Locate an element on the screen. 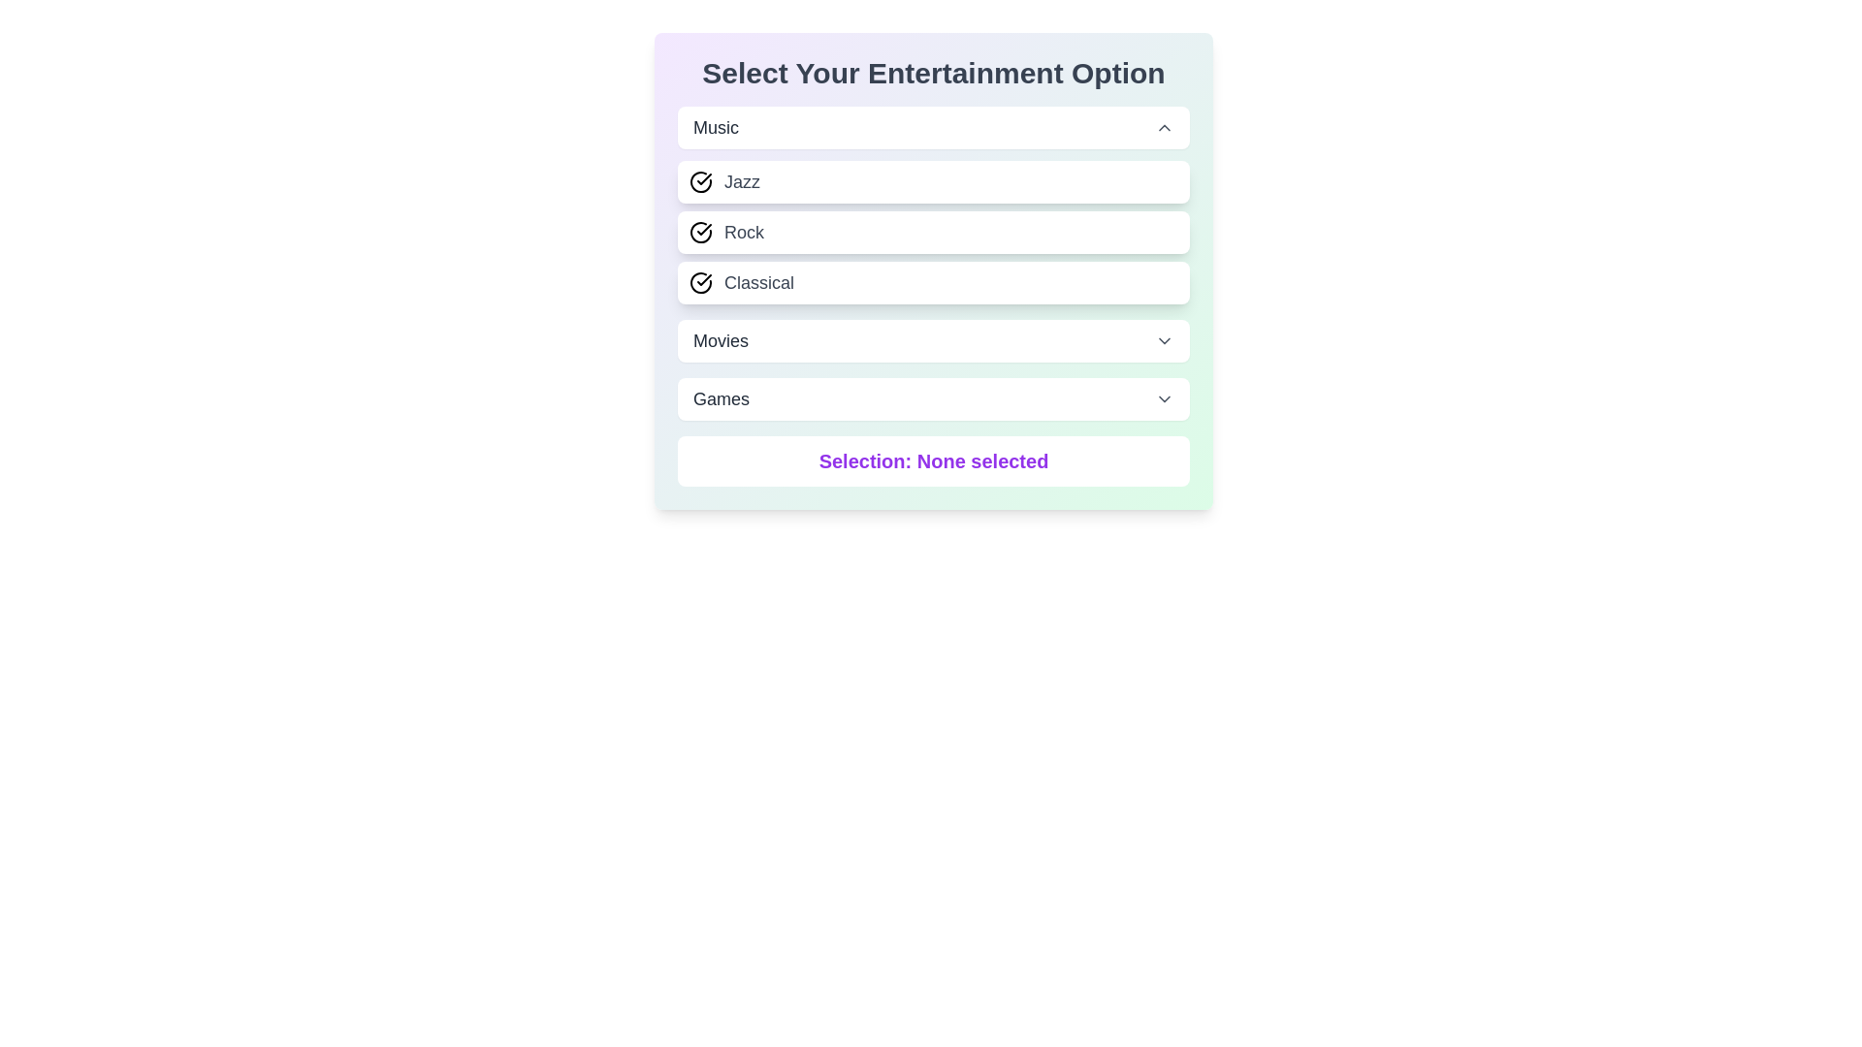 The image size is (1862, 1047). the fifth selectable option in the entertainment categories list, which is located below the 'Movies' option is located at coordinates (934, 398).